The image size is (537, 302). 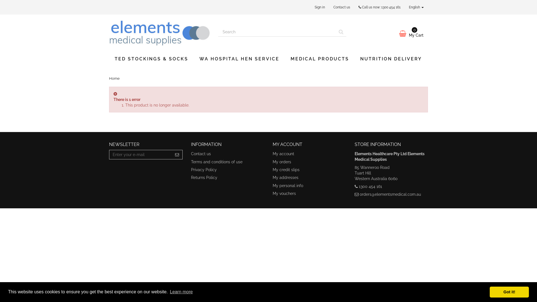 I want to click on 'Learn more', so click(x=181, y=292).